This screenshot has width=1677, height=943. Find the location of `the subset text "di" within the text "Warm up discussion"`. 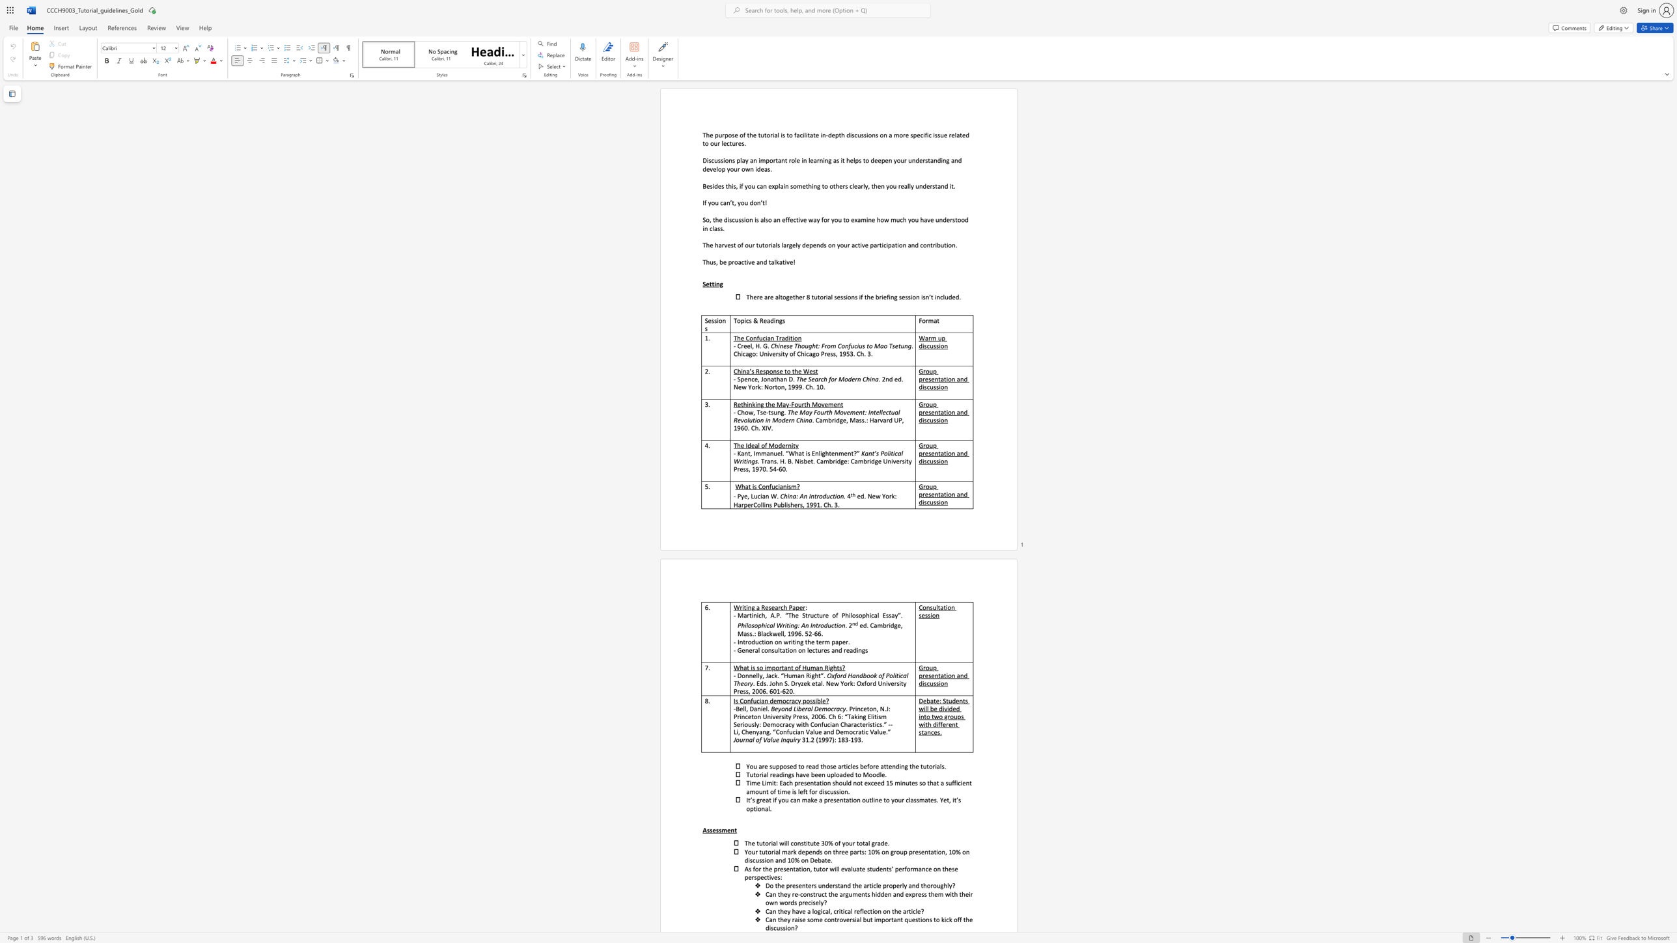

the subset text "di" within the text "Warm up discussion" is located at coordinates (919, 346).